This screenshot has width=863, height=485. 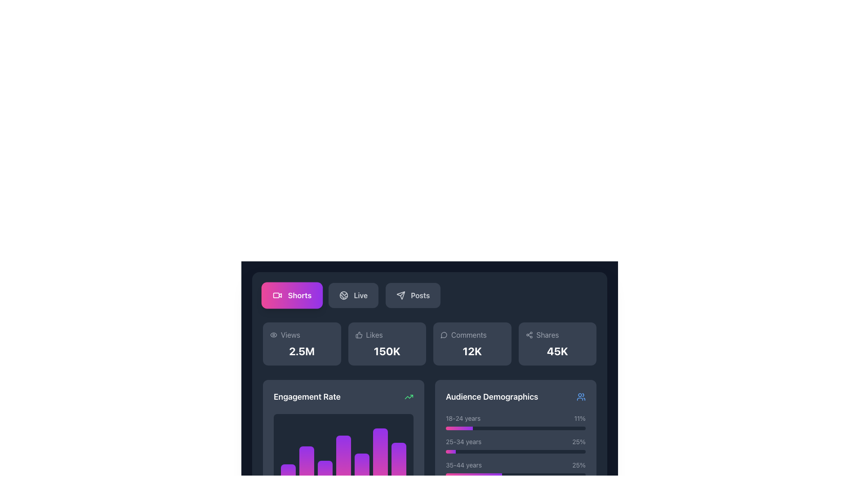 What do you see at coordinates (409, 396) in the screenshot?
I see `the informational icon representing a positive trend for the 'Engagement Rate' metric, located to the right of the text 'Engagement Rate'` at bounding box center [409, 396].